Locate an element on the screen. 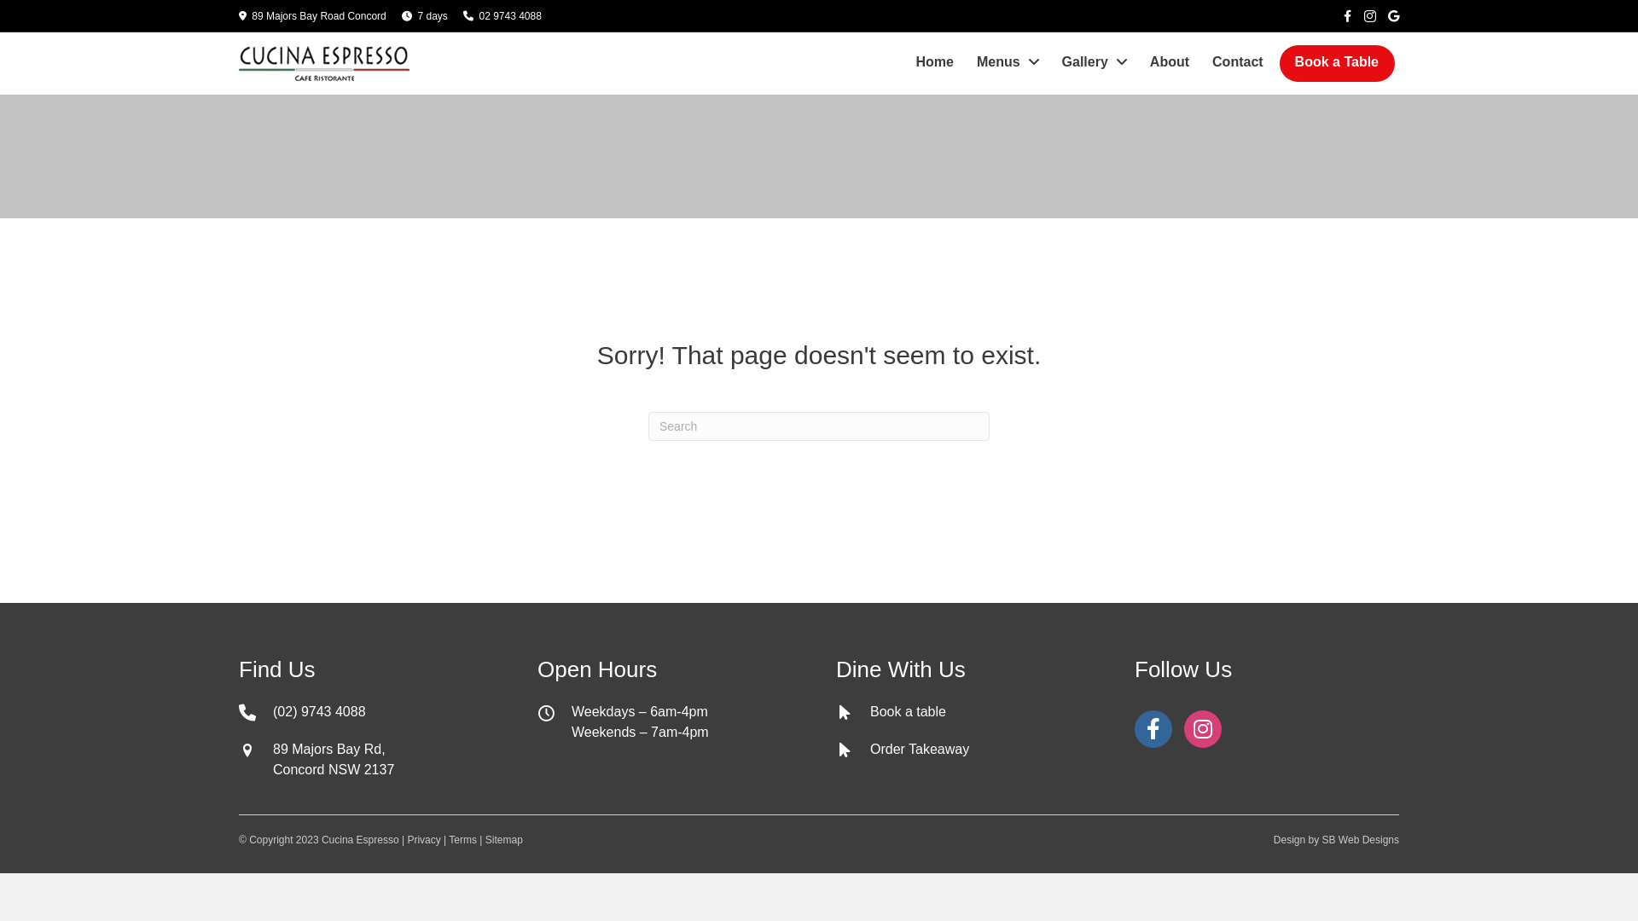 The width and height of the screenshot is (1638, 921). '02 9743 4088' is located at coordinates (508, 16).